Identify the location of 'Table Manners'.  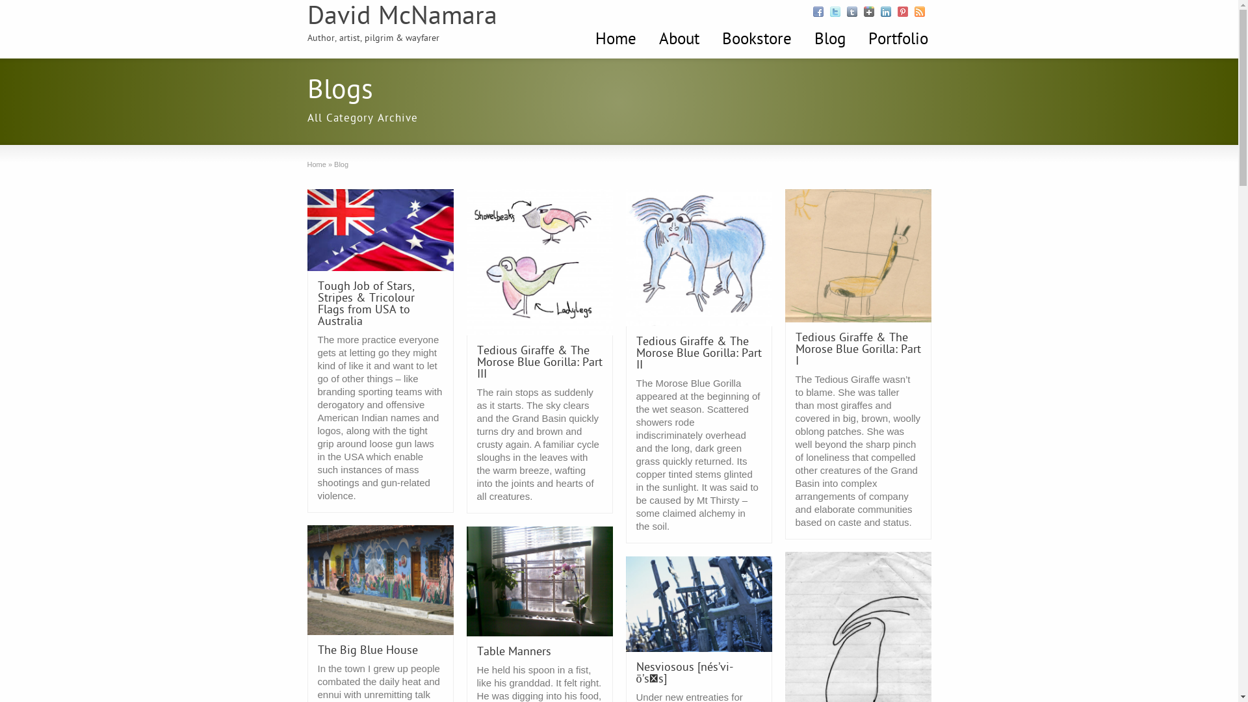
(476, 652).